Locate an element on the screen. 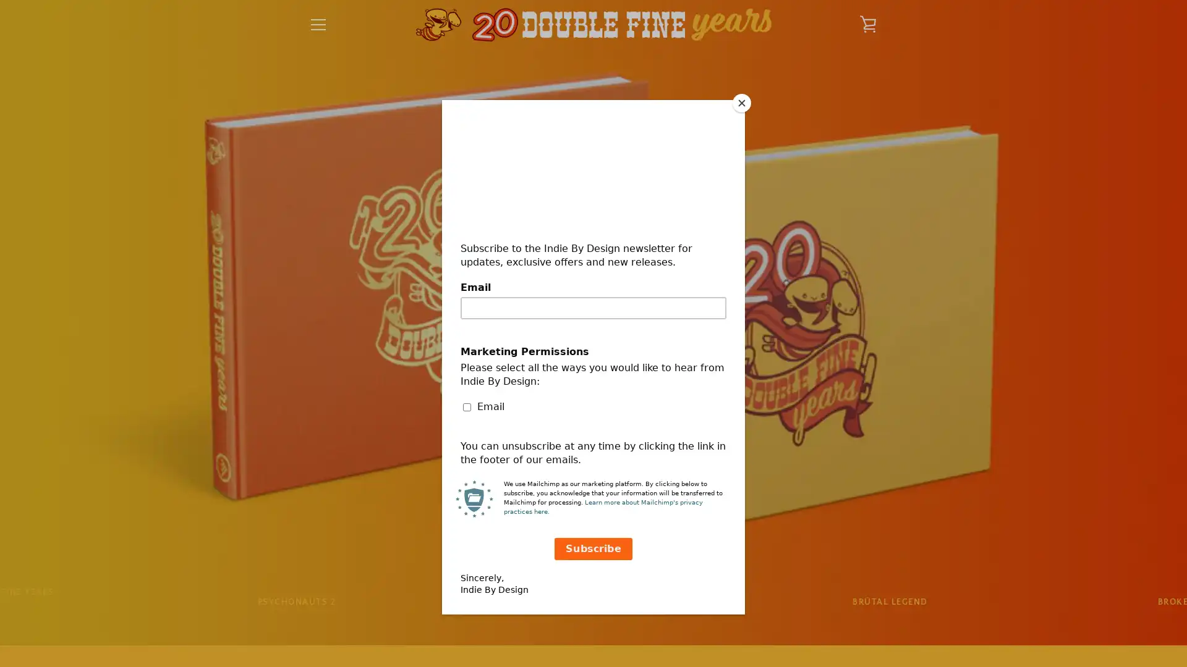 The image size is (1187, 667). SUBSCRIBE is located at coordinates (847, 556).